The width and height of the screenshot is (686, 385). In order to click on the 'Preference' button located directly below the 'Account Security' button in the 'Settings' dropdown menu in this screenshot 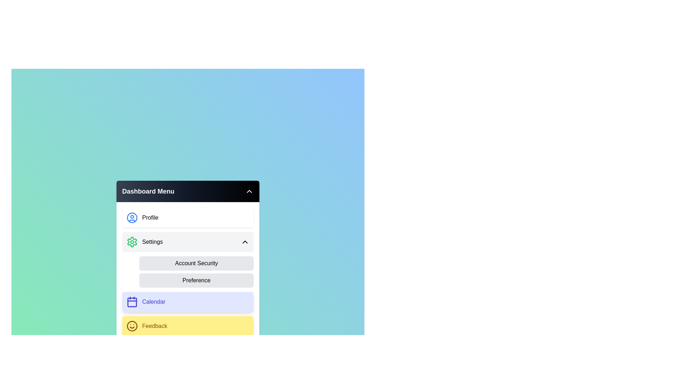, I will do `click(197, 280)`.